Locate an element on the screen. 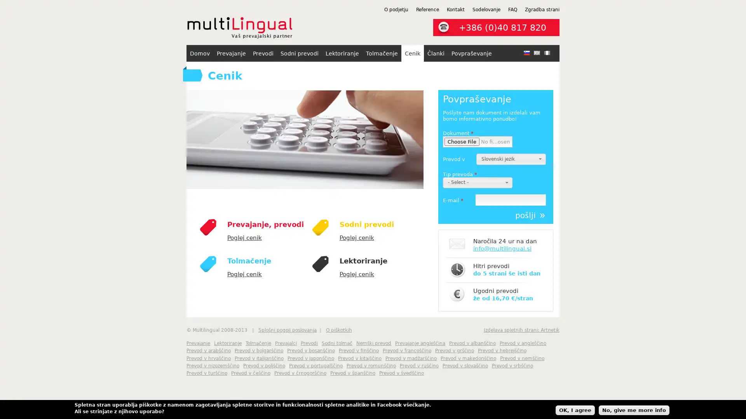  poslji is located at coordinates (530, 215).